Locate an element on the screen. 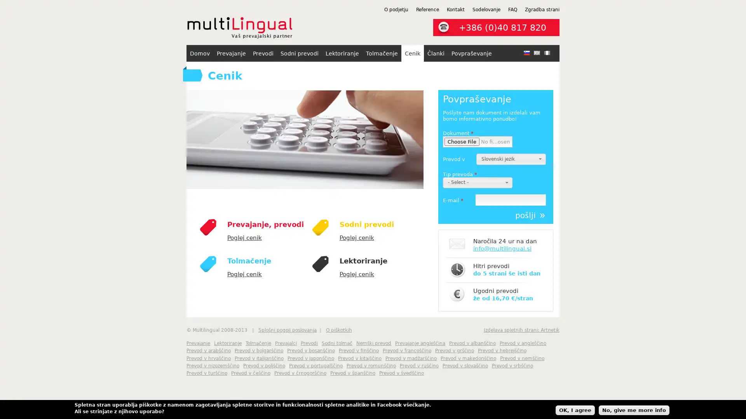  poslji is located at coordinates (530, 215).